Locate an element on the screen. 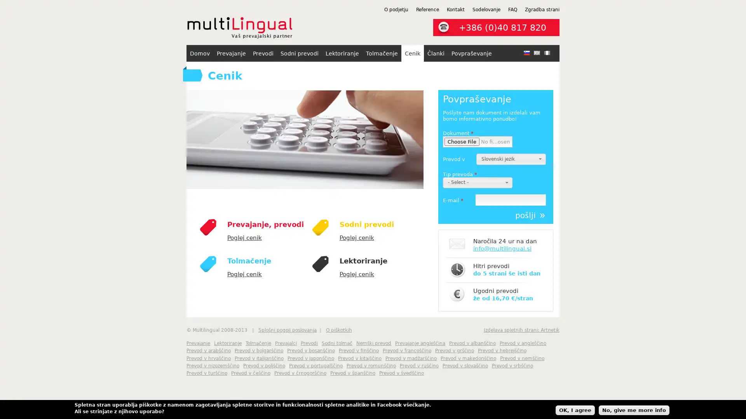  poslji is located at coordinates (530, 215).